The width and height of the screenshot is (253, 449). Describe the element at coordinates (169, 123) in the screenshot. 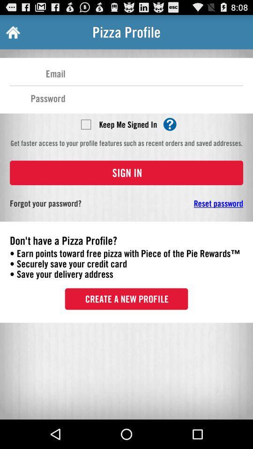

I see `find more details` at that location.